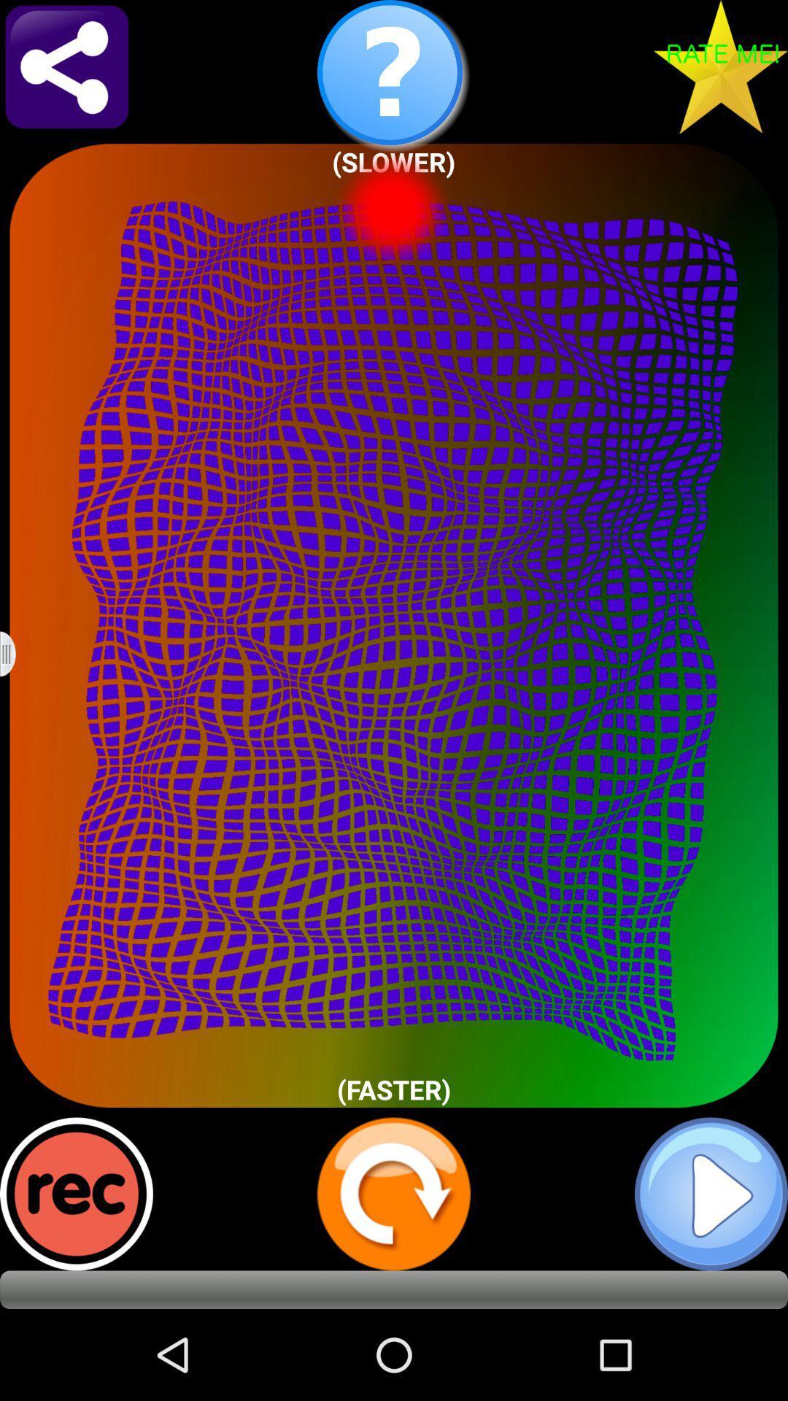  What do you see at coordinates (394, 1194) in the screenshot?
I see `replay` at bounding box center [394, 1194].